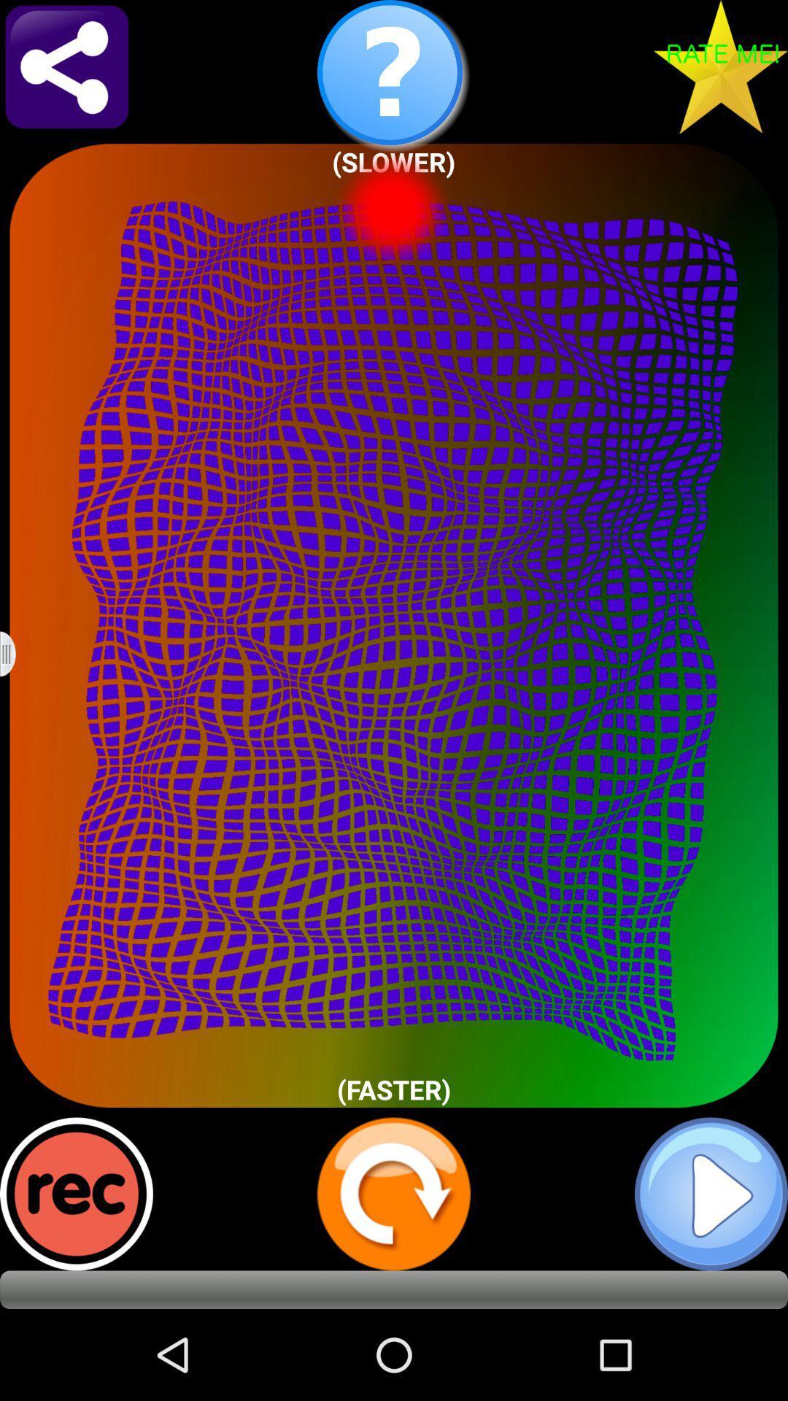  What do you see at coordinates (394, 1194) in the screenshot?
I see `replay` at bounding box center [394, 1194].